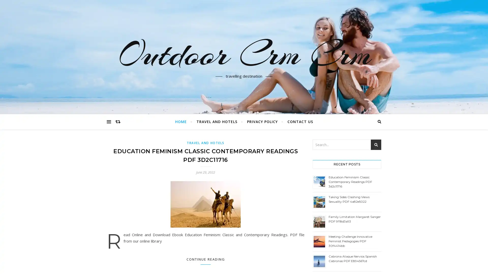 The width and height of the screenshot is (488, 274). I want to click on st, so click(376, 145).